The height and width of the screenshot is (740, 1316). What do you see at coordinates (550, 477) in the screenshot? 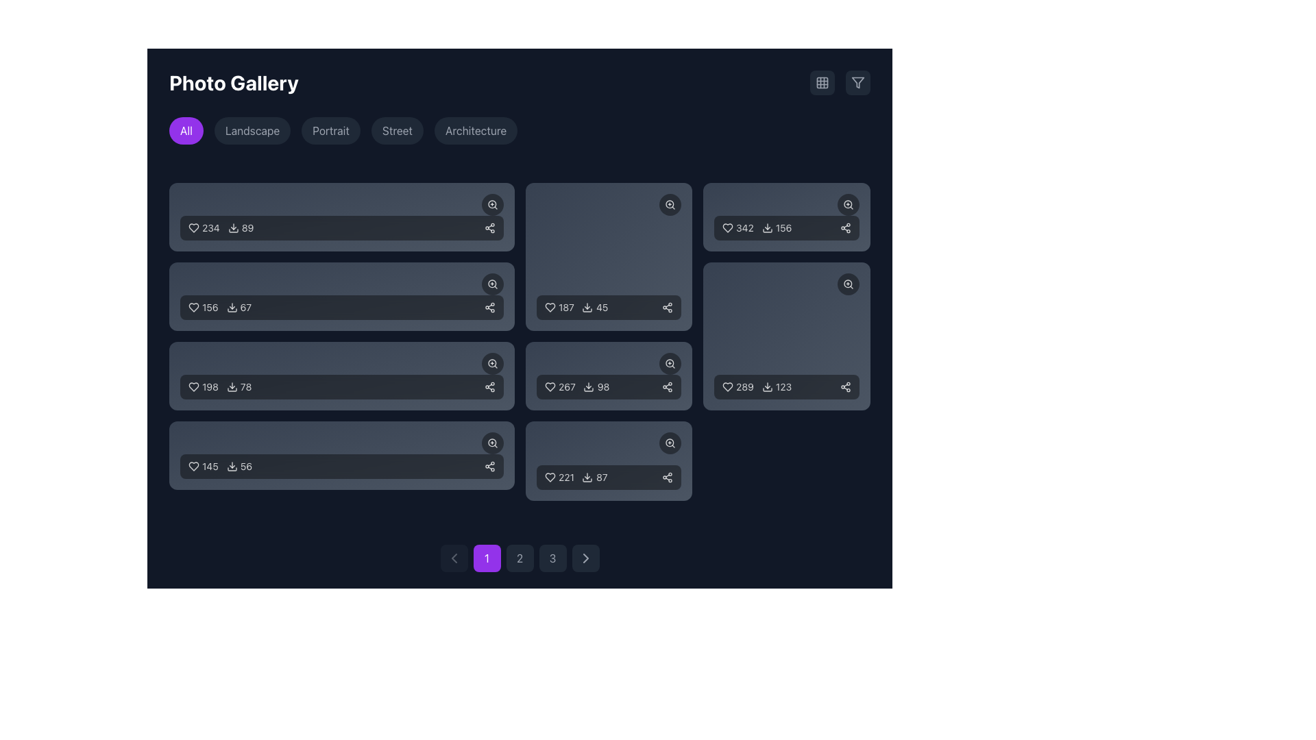
I see `the heart-shaped icon with a hollow interior and white outline, located next to the number '221' in the gallery interface` at bounding box center [550, 477].